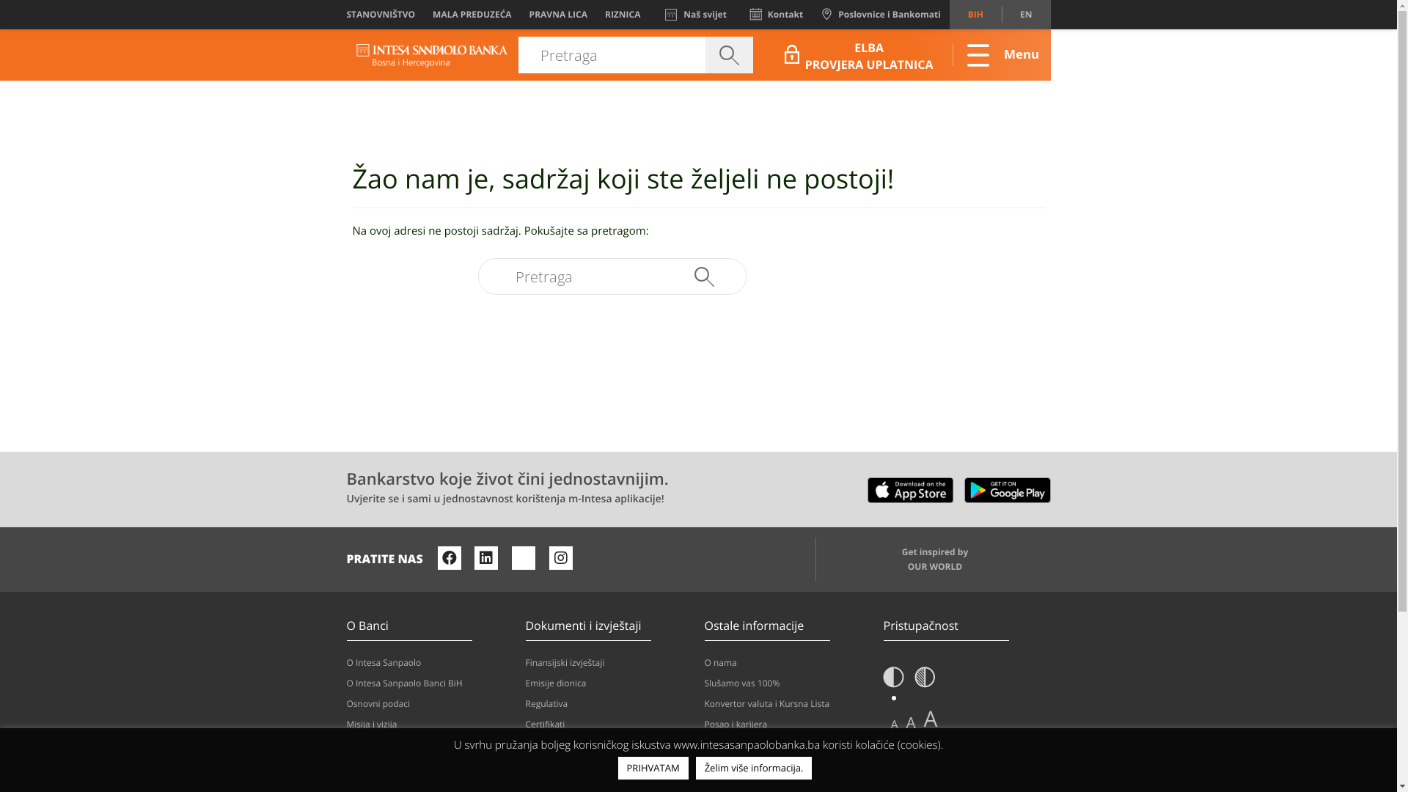  Describe the element at coordinates (345, 765) in the screenshot. I see `'Historija Banke'` at that location.